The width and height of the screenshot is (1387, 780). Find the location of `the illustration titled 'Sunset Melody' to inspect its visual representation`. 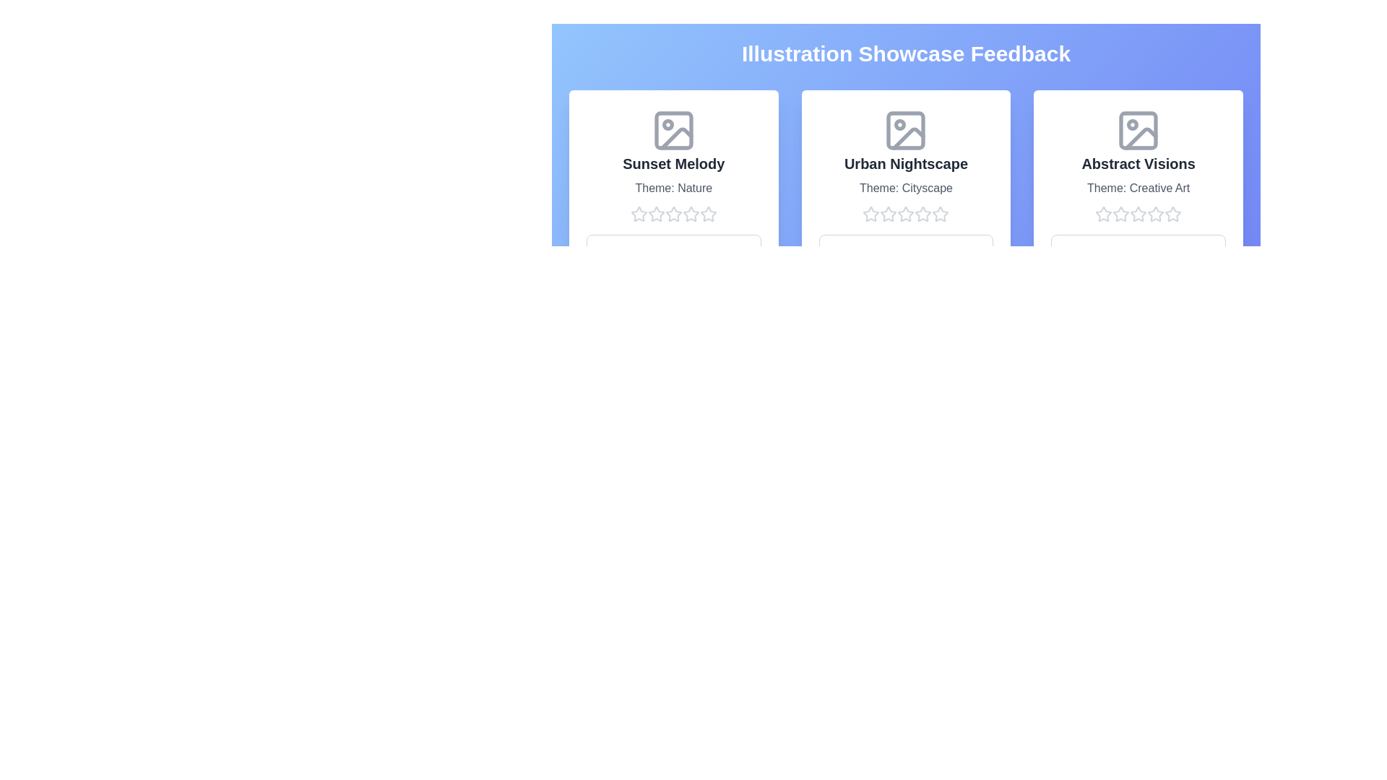

the illustration titled 'Sunset Melody' to inspect its visual representation is located at coordinates (672, 131).